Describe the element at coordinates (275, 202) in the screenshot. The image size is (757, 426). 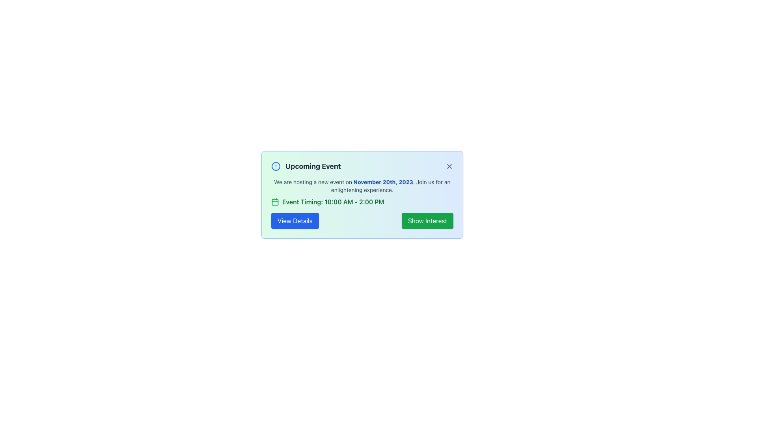
I see `the green outline-style calendar icon located directly to the left of the text 'Event Timing: 10:00 AM - 2:00 PM'` at that location.